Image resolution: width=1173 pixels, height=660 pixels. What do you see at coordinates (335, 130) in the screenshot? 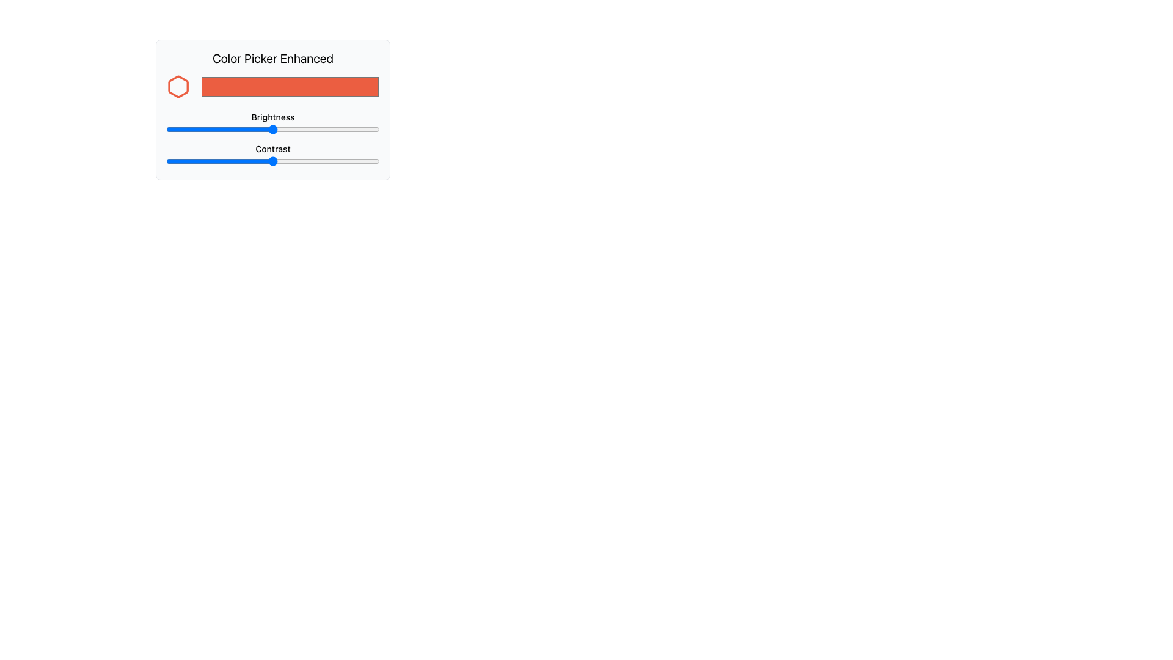
I see `brightness level` at bounding box center [335, 130].